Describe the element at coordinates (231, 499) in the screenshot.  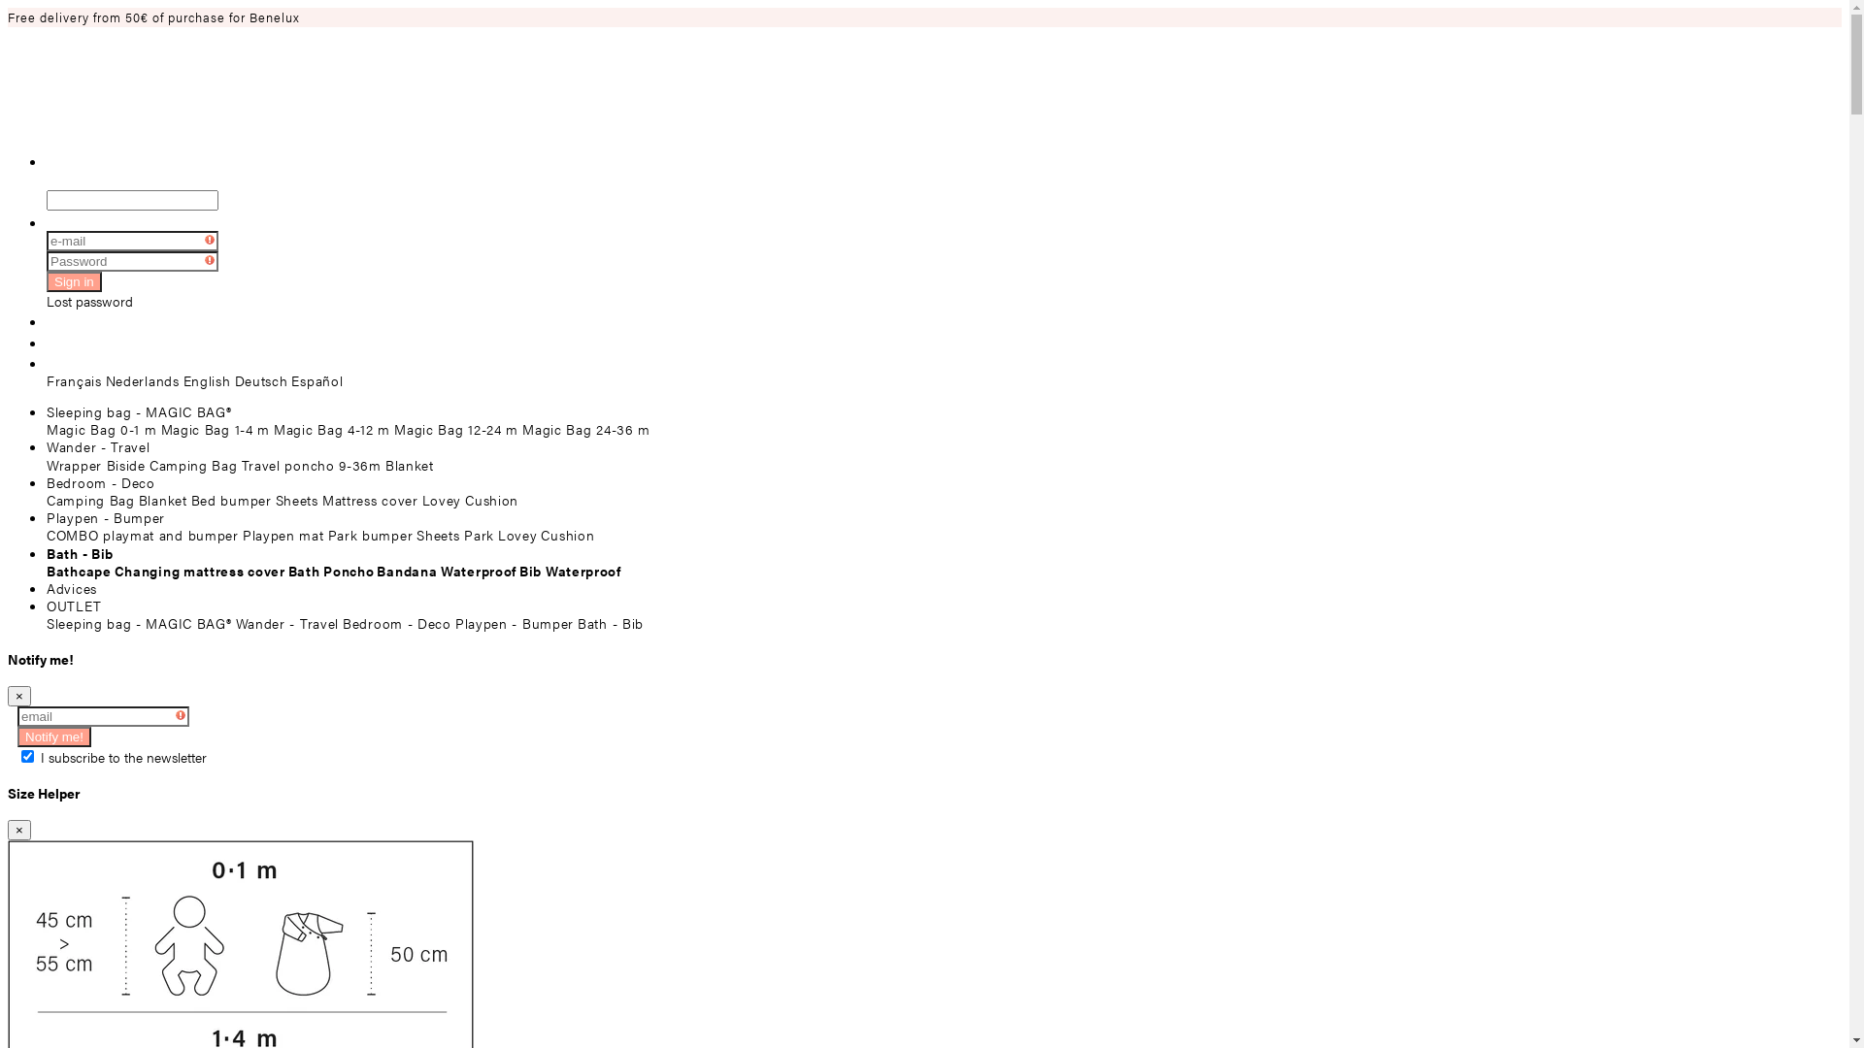
I see `'Bed bumper'` at that location.